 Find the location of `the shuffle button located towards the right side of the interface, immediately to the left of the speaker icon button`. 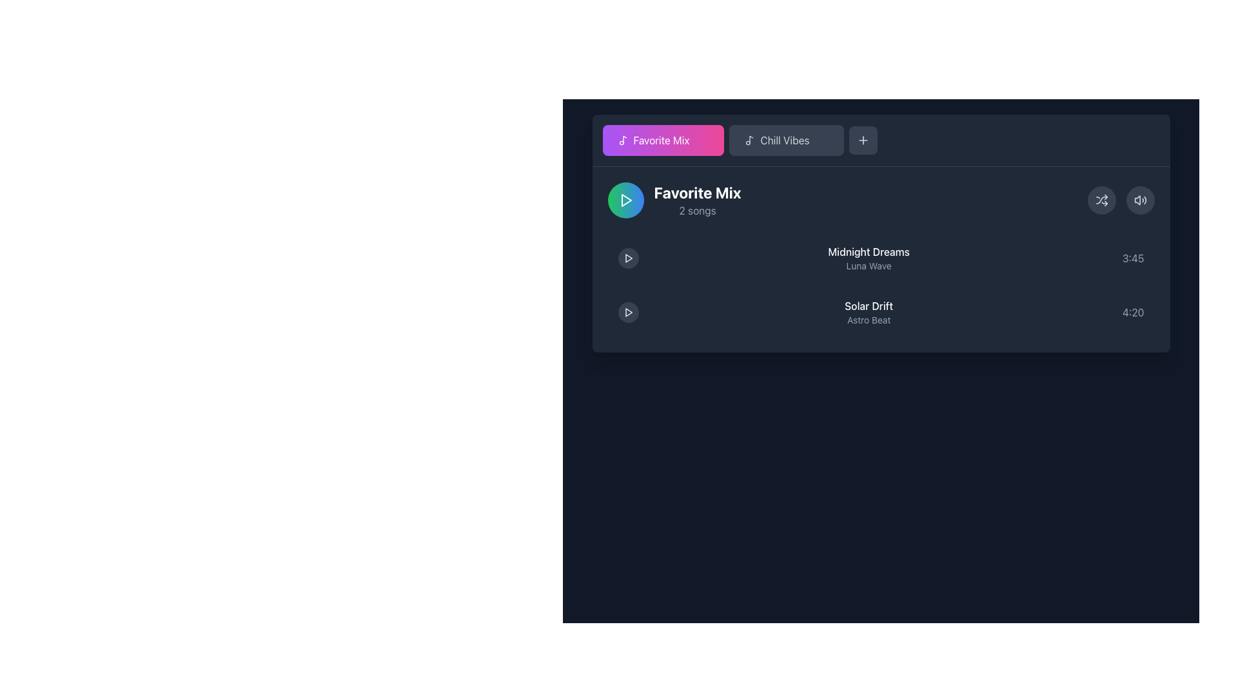

the shuffle button located towards the right side of the interface, immediately to the left of the speaker icon button is located at coordinates (1101, 200).